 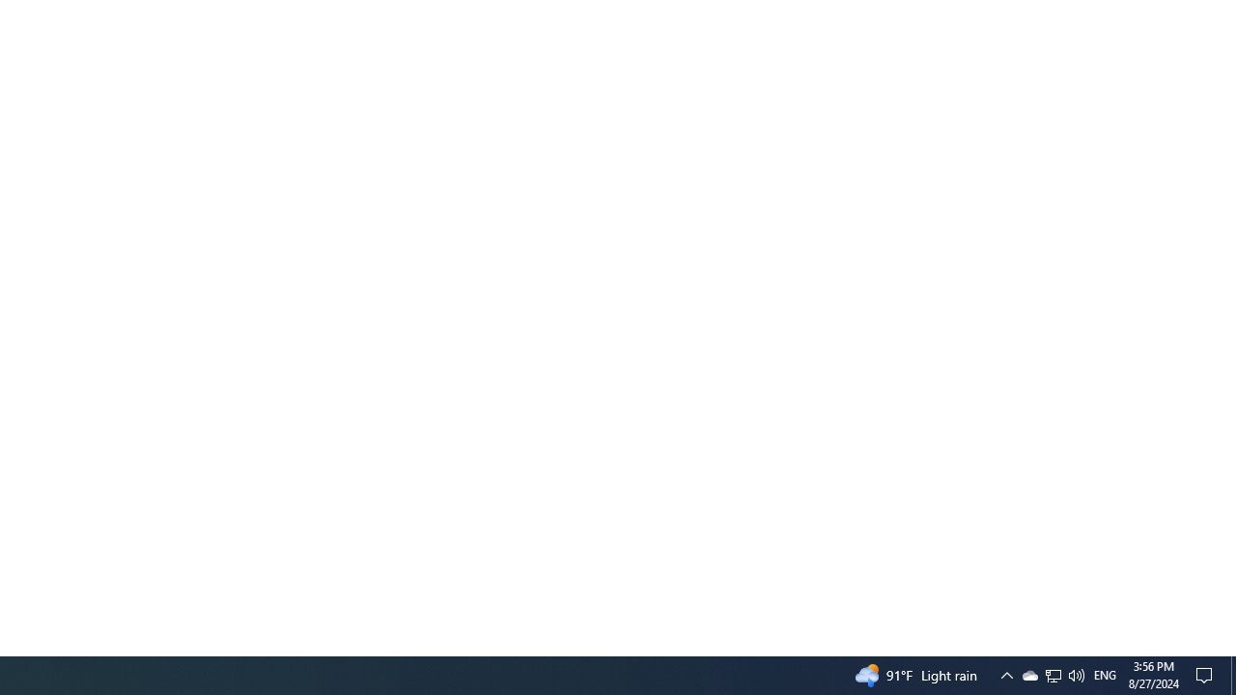 What do you see at coordinates (1207, 674) in the screenshot?
I see `'Action Center, No new notifications'` at bounding box center [1207, 674].